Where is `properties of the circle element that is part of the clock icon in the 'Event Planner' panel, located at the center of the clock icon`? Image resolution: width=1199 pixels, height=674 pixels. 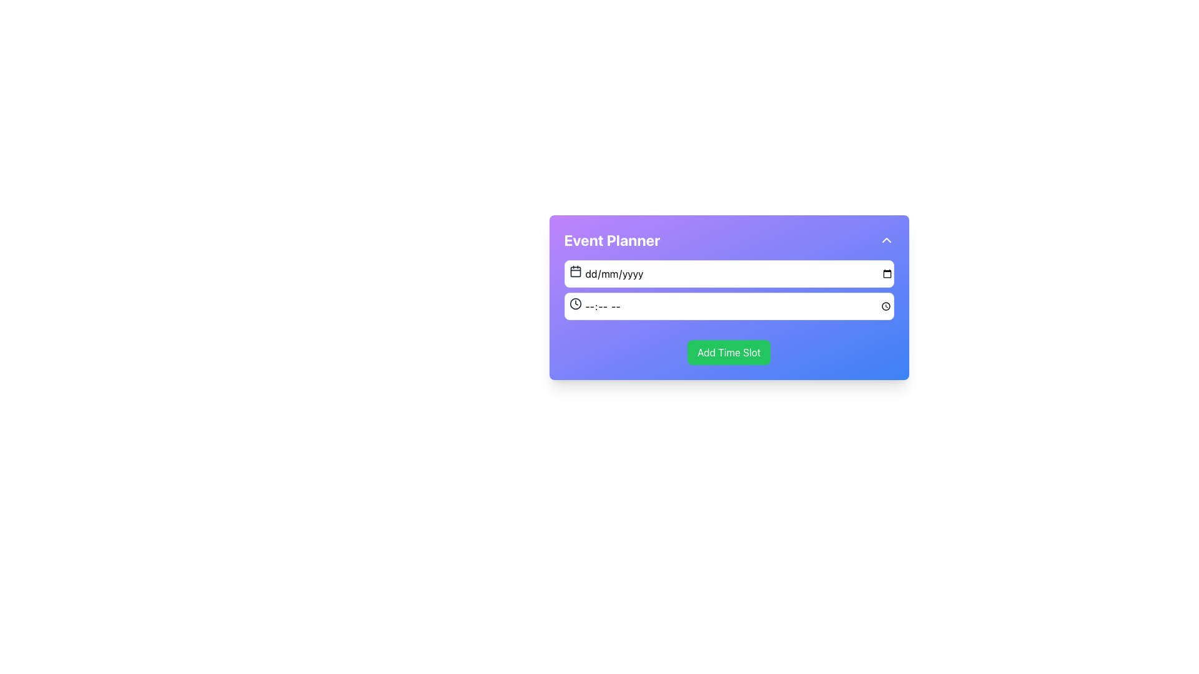 properties of the circle element that is part of the clock icon in the 'Event Planner' panel, located at the center of the clock icon is located at coordinates (575, 303).